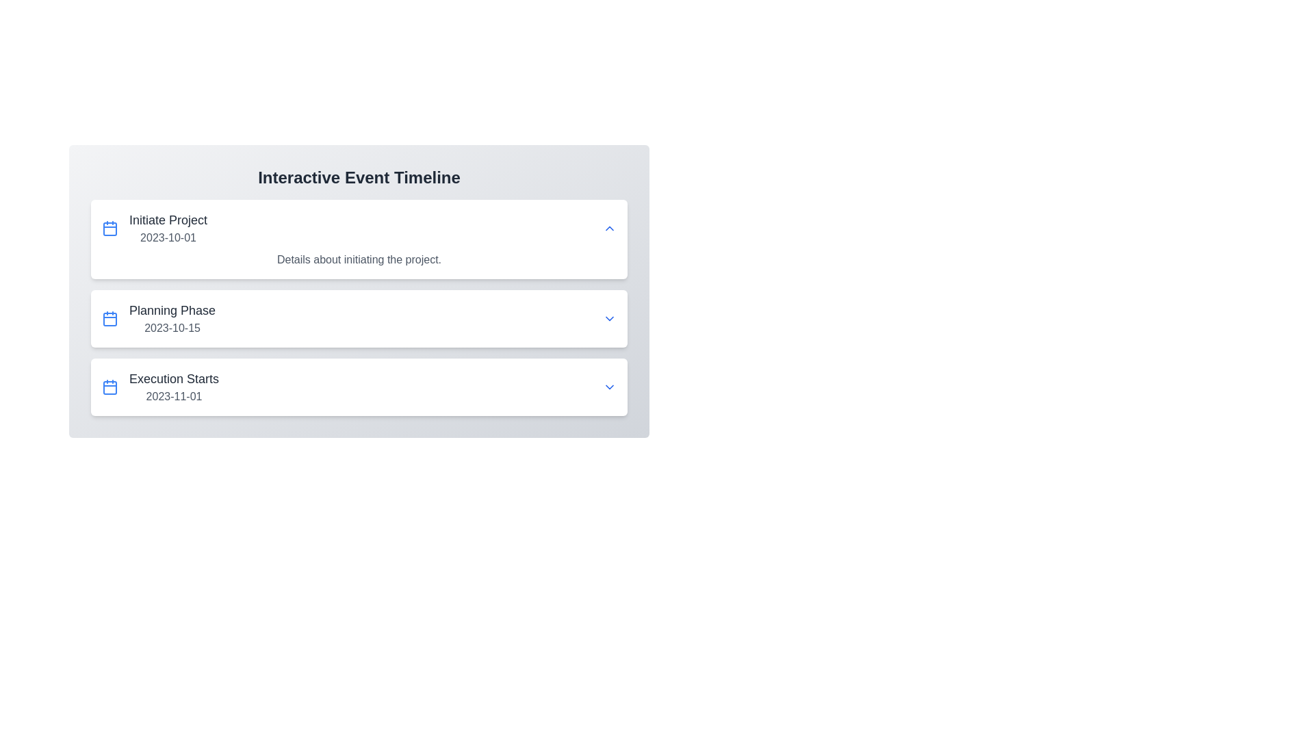 This screenshot has width=1314, height=739. Describe the element at coordinates (160, 387) in the screenshot. I see `timeline event descriptor element labeled 'Execution Starts' with the scheduled date '2023-11-01', located in the third row of the 'Interactive Event Timeline' below 'Planning Phase'` at that location.